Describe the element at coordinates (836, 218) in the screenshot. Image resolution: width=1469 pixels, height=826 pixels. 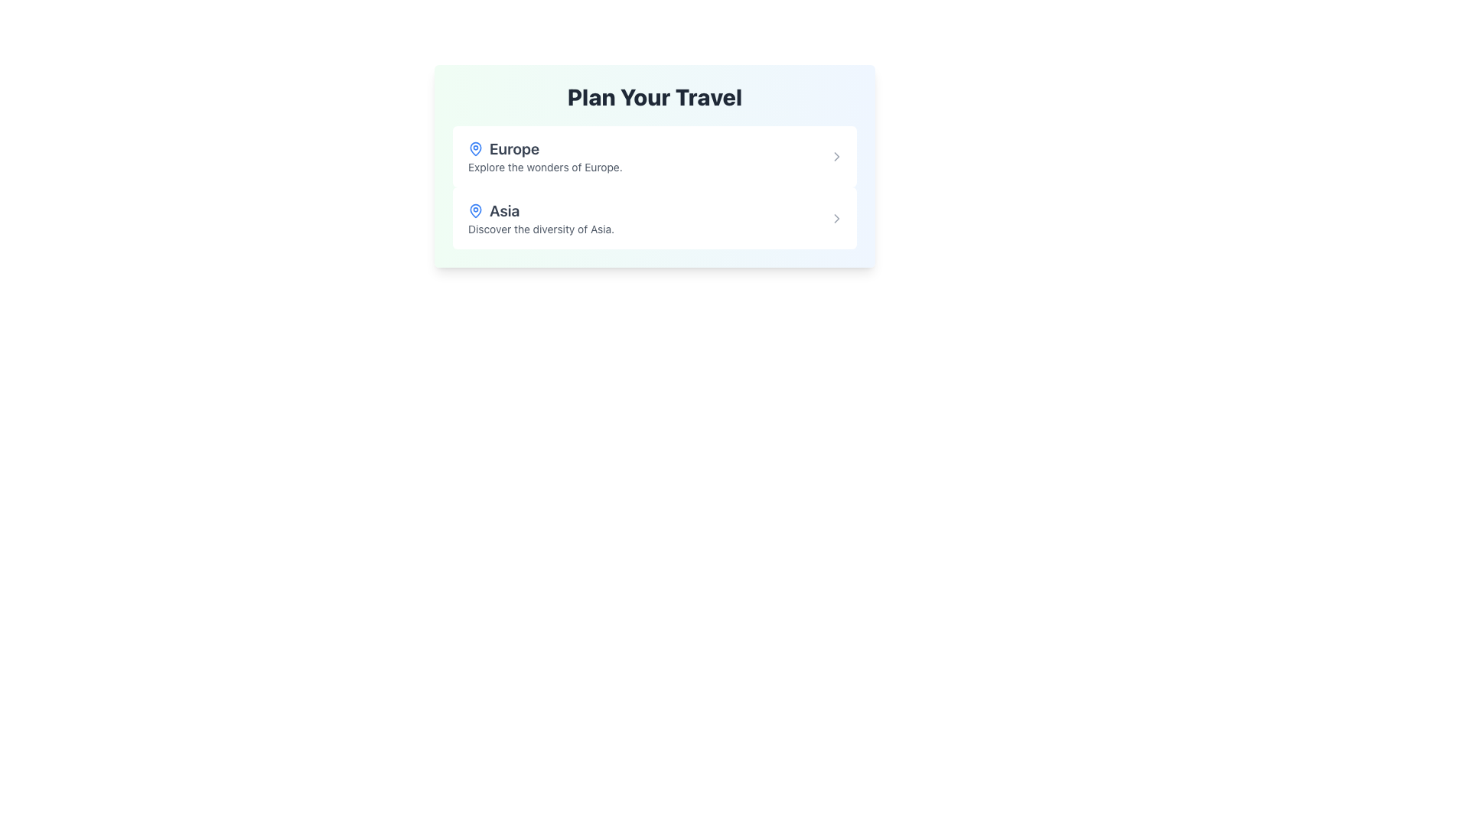
I see `the gray rightward chevron icon located in the bottom right corner of the 'Asia' entry` at that location.